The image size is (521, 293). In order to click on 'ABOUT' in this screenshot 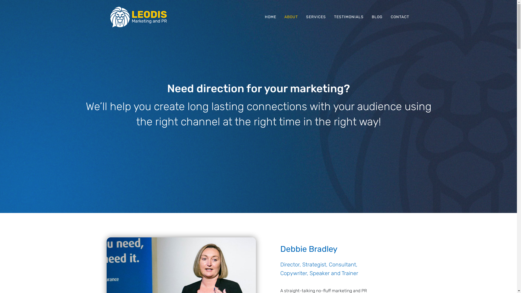, I will do `click(282, 17)`.